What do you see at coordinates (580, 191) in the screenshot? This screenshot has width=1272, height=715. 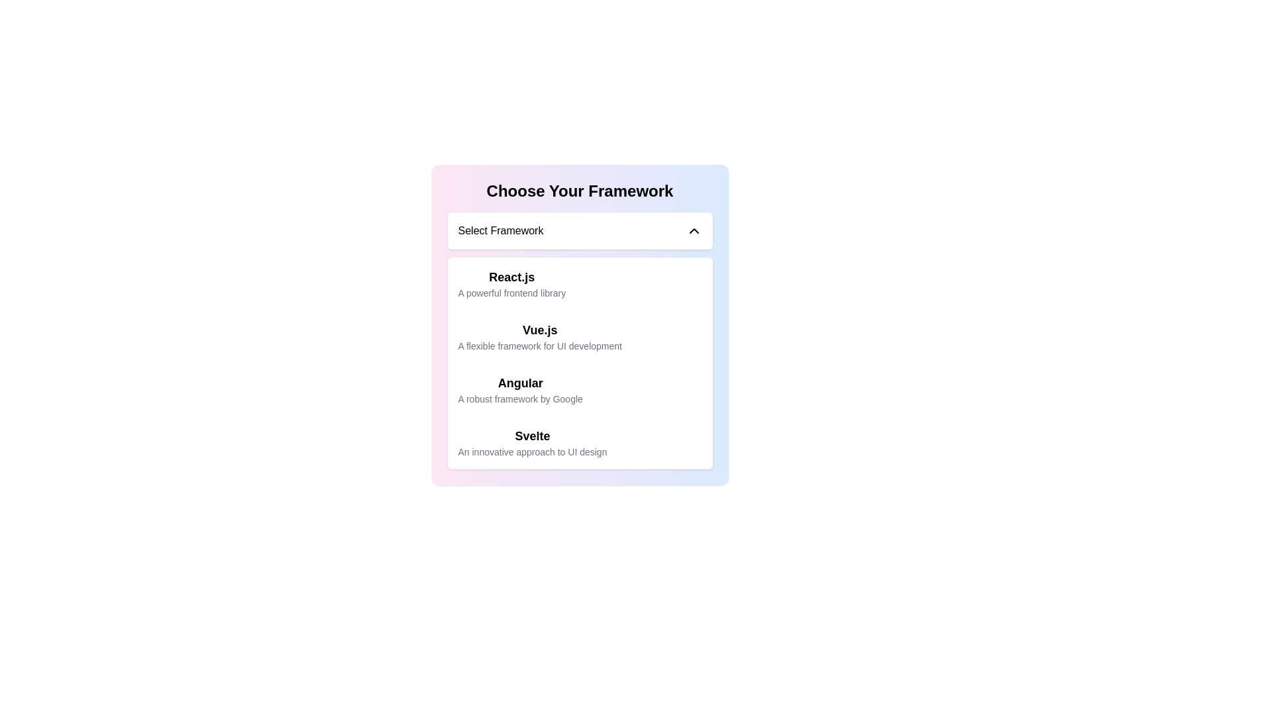 I see `the bold, large heading text labeled 'Choose Your Framework' that is centrally positioned at the top of the card layout` at bounding box center [580, 191].